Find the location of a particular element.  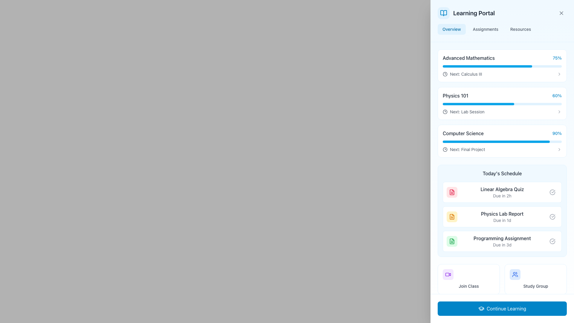

the decorative icon located at the top-left corner of the sidebar, adjacent to the title text 'Learning Portal' is located at coordinates (443, 13).